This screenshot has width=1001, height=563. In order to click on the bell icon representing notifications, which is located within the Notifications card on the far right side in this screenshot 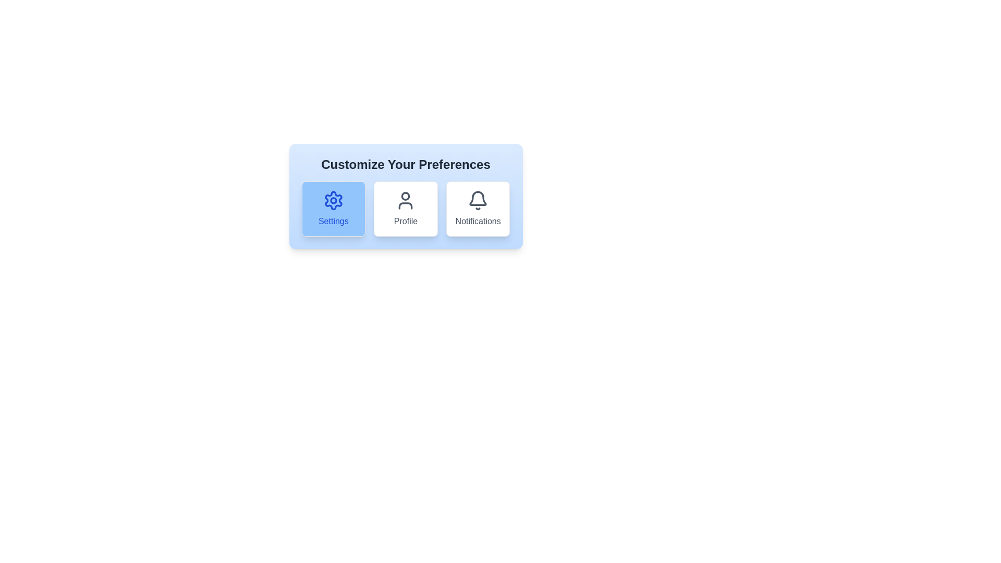, I will do `click(478, 198)`.